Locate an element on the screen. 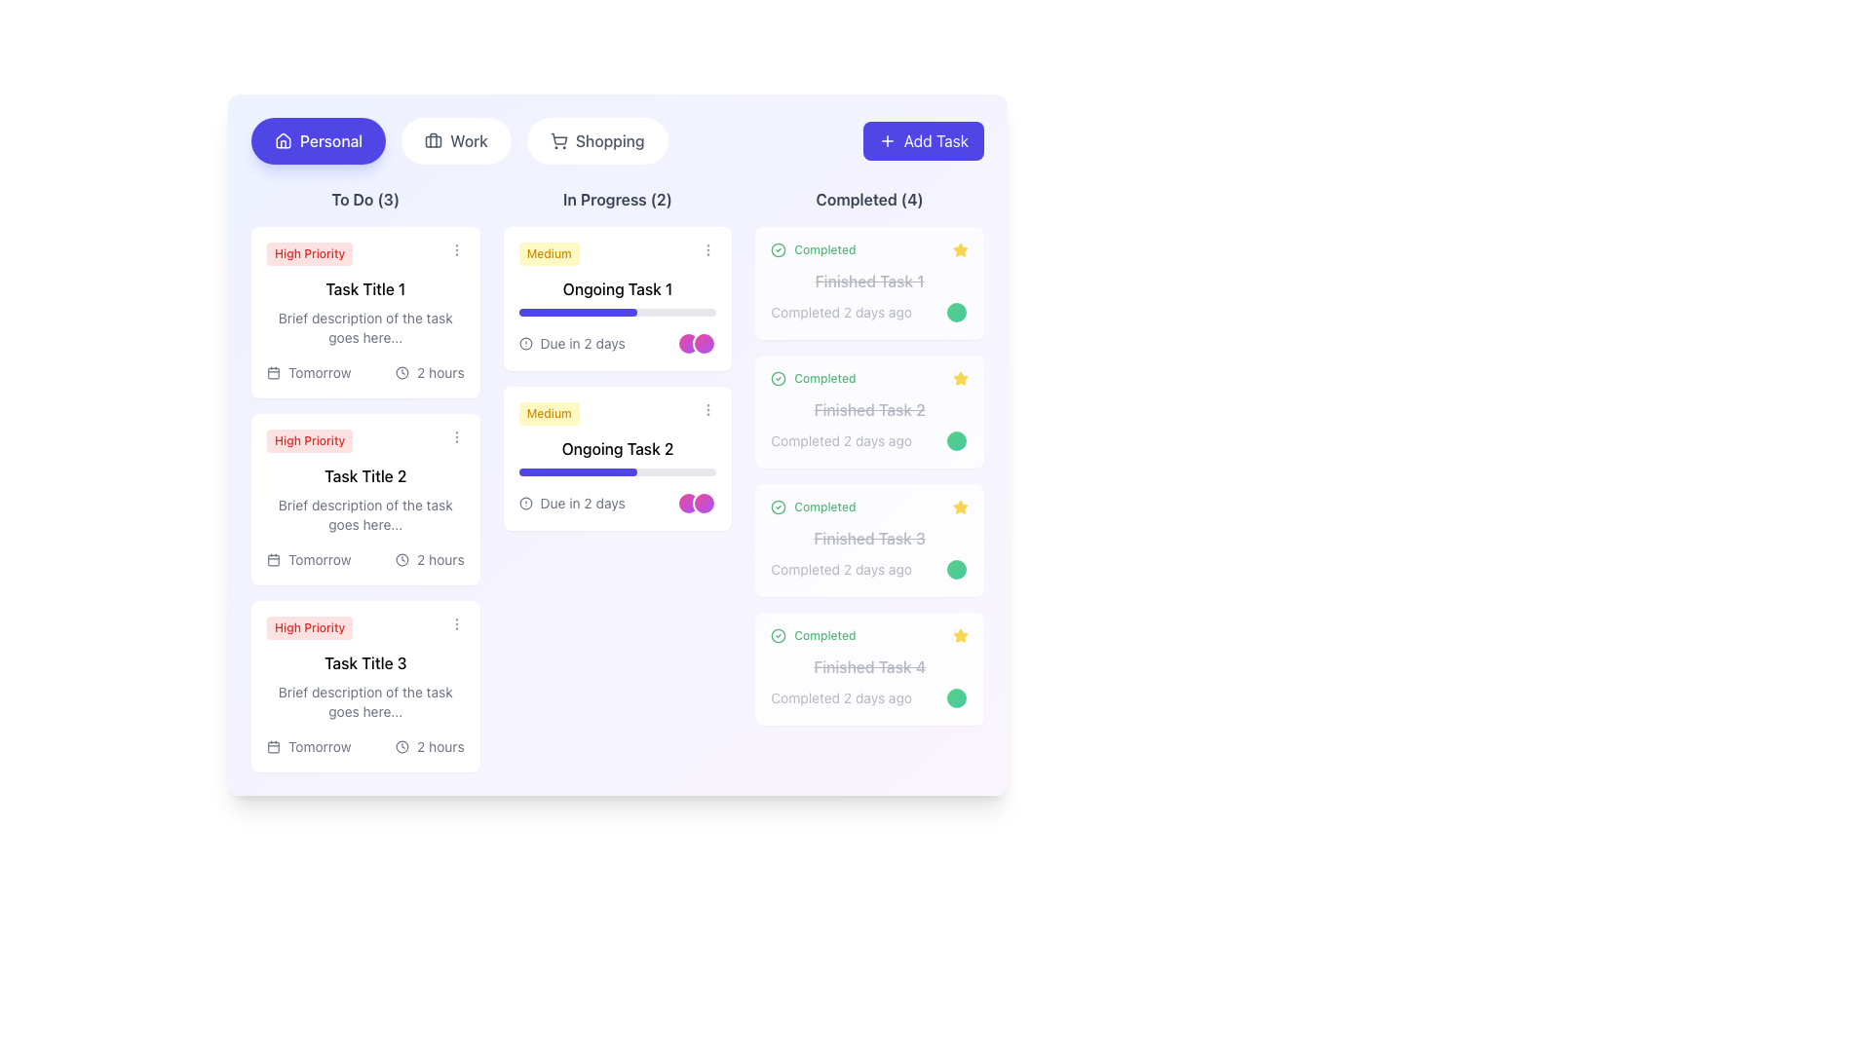 The height and width of the screenshot is (1052, 1871). the decorative rectangle component of the calendar icon located in the bottom-left corner of the task card titled 'Task Title 1' in the 'To Do' list column is located at coordinates (273, 372).